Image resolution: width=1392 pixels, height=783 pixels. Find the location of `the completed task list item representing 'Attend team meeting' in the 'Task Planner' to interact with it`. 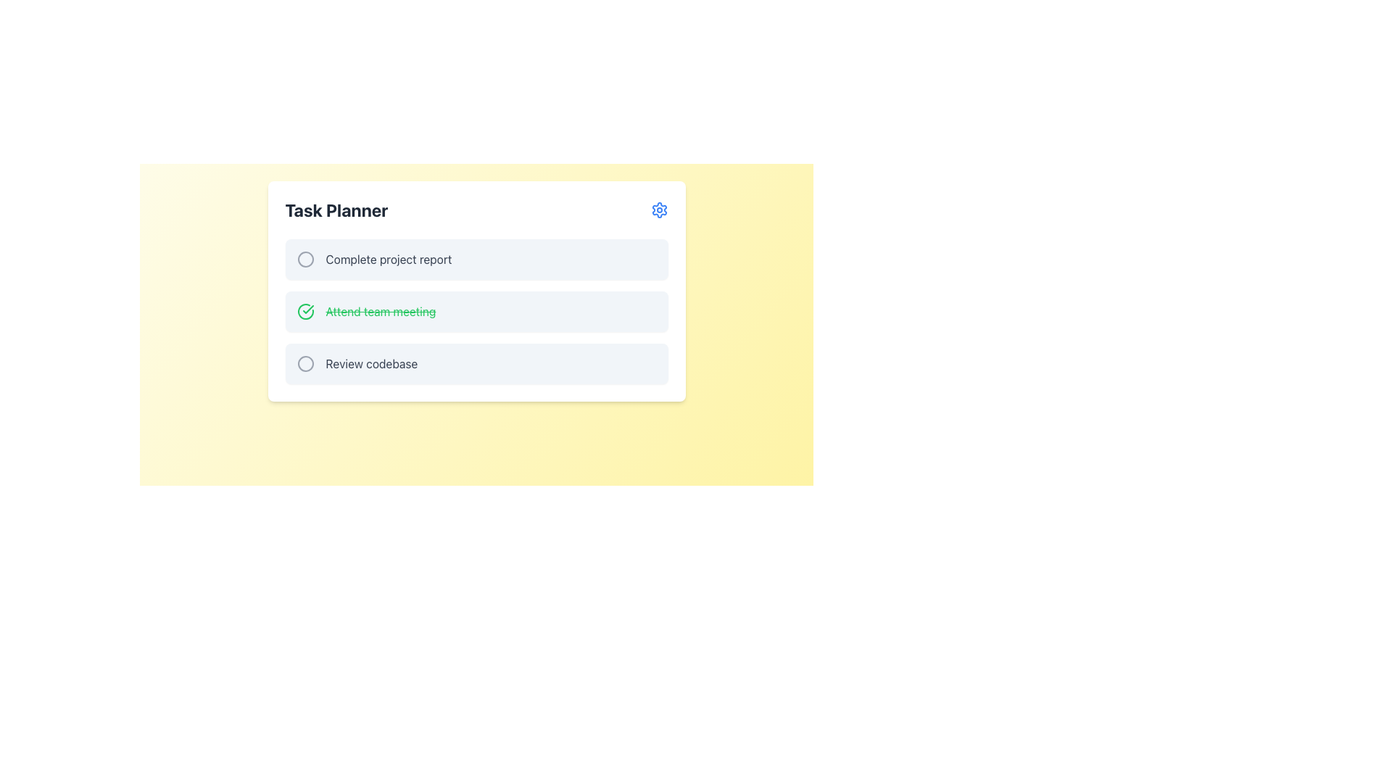

the completed task list item representing 'Attend team meeting' in the 'Task Planner' to interact with it is located at coordinates (476, 291).